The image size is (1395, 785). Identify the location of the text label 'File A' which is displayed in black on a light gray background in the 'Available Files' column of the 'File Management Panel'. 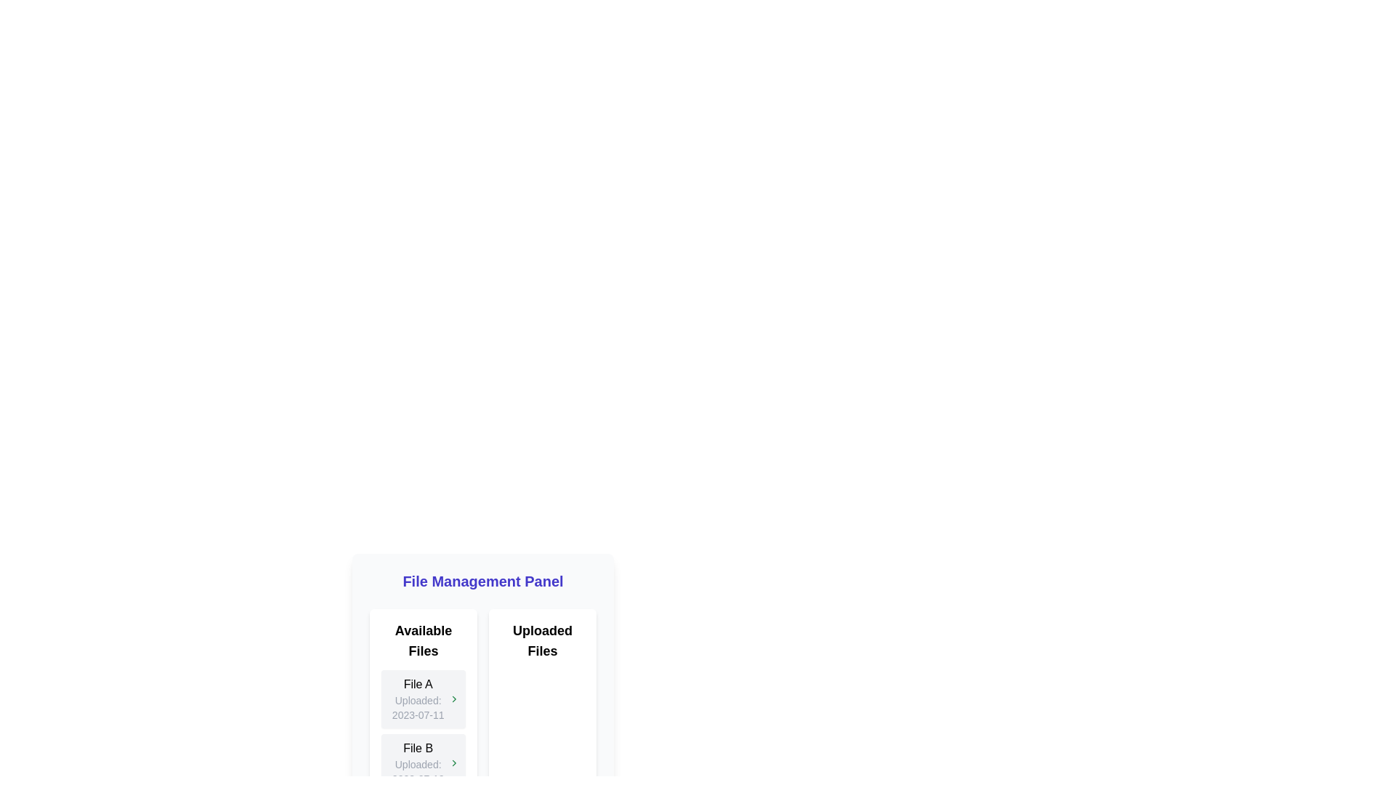
(417, 684).